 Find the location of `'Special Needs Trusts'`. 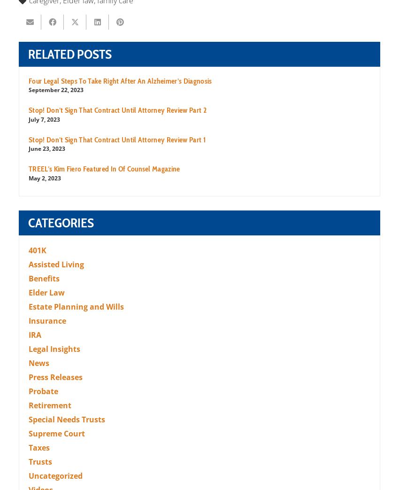

'Special Needs Trusts' is located at coordinates (67, 420).